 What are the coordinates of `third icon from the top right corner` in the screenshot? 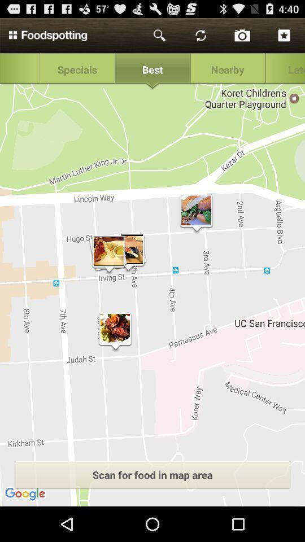 It's located at (201, 36).